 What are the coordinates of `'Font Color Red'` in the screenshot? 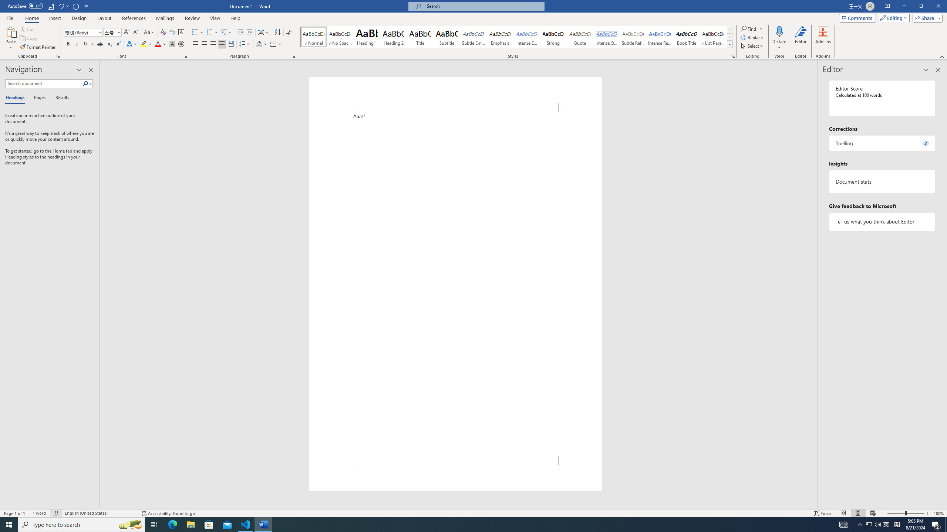 It's located at (157, 44).